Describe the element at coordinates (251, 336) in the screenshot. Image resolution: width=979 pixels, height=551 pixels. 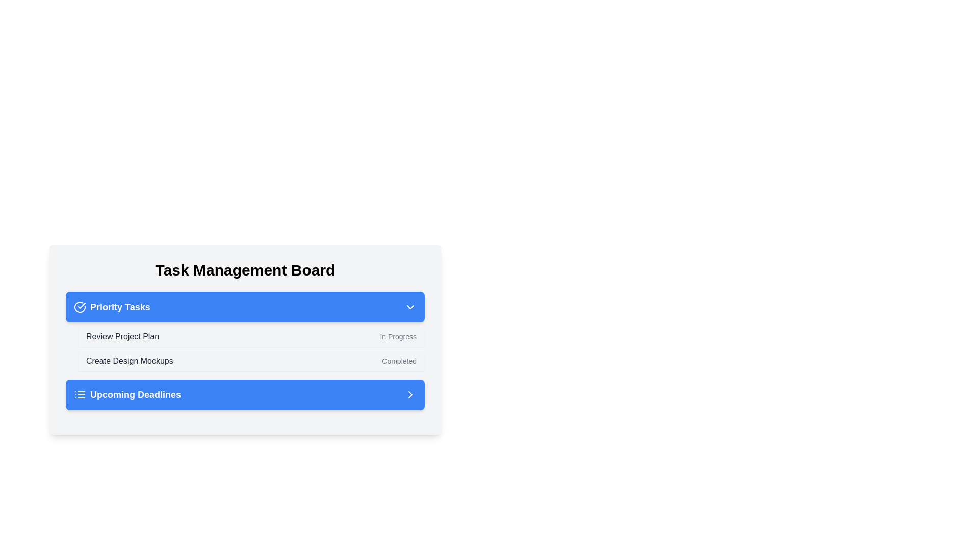
I see `the task item titled 'Review Project Plan'` at that location.